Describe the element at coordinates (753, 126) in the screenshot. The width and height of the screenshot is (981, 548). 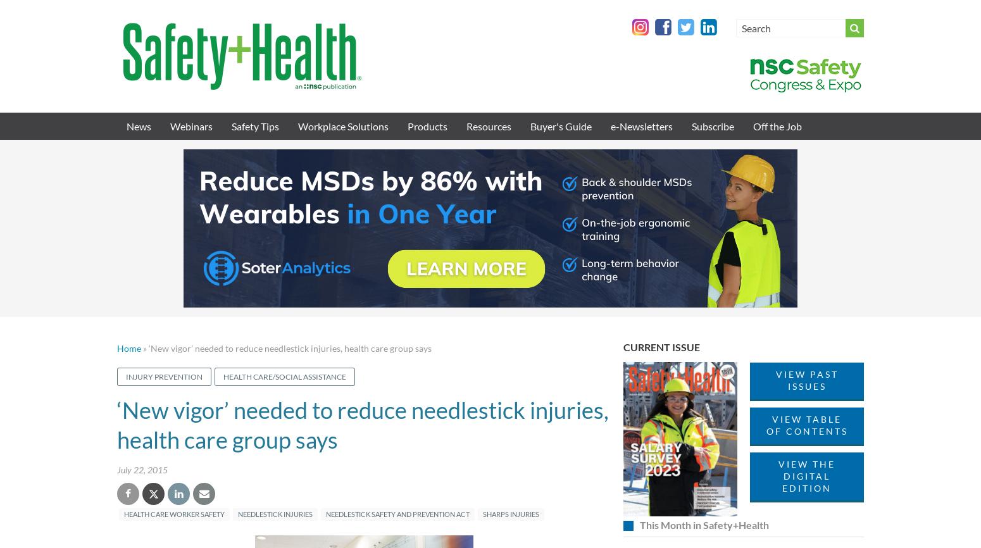
I see `'Off the Job'` at that location.